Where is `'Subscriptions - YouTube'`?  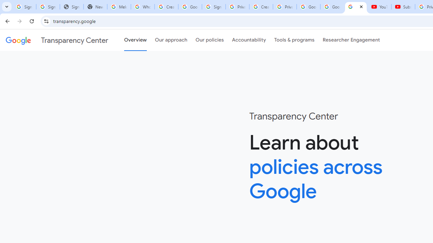 'Subscriptions - YouTube' is located at coordinates (403, 7).